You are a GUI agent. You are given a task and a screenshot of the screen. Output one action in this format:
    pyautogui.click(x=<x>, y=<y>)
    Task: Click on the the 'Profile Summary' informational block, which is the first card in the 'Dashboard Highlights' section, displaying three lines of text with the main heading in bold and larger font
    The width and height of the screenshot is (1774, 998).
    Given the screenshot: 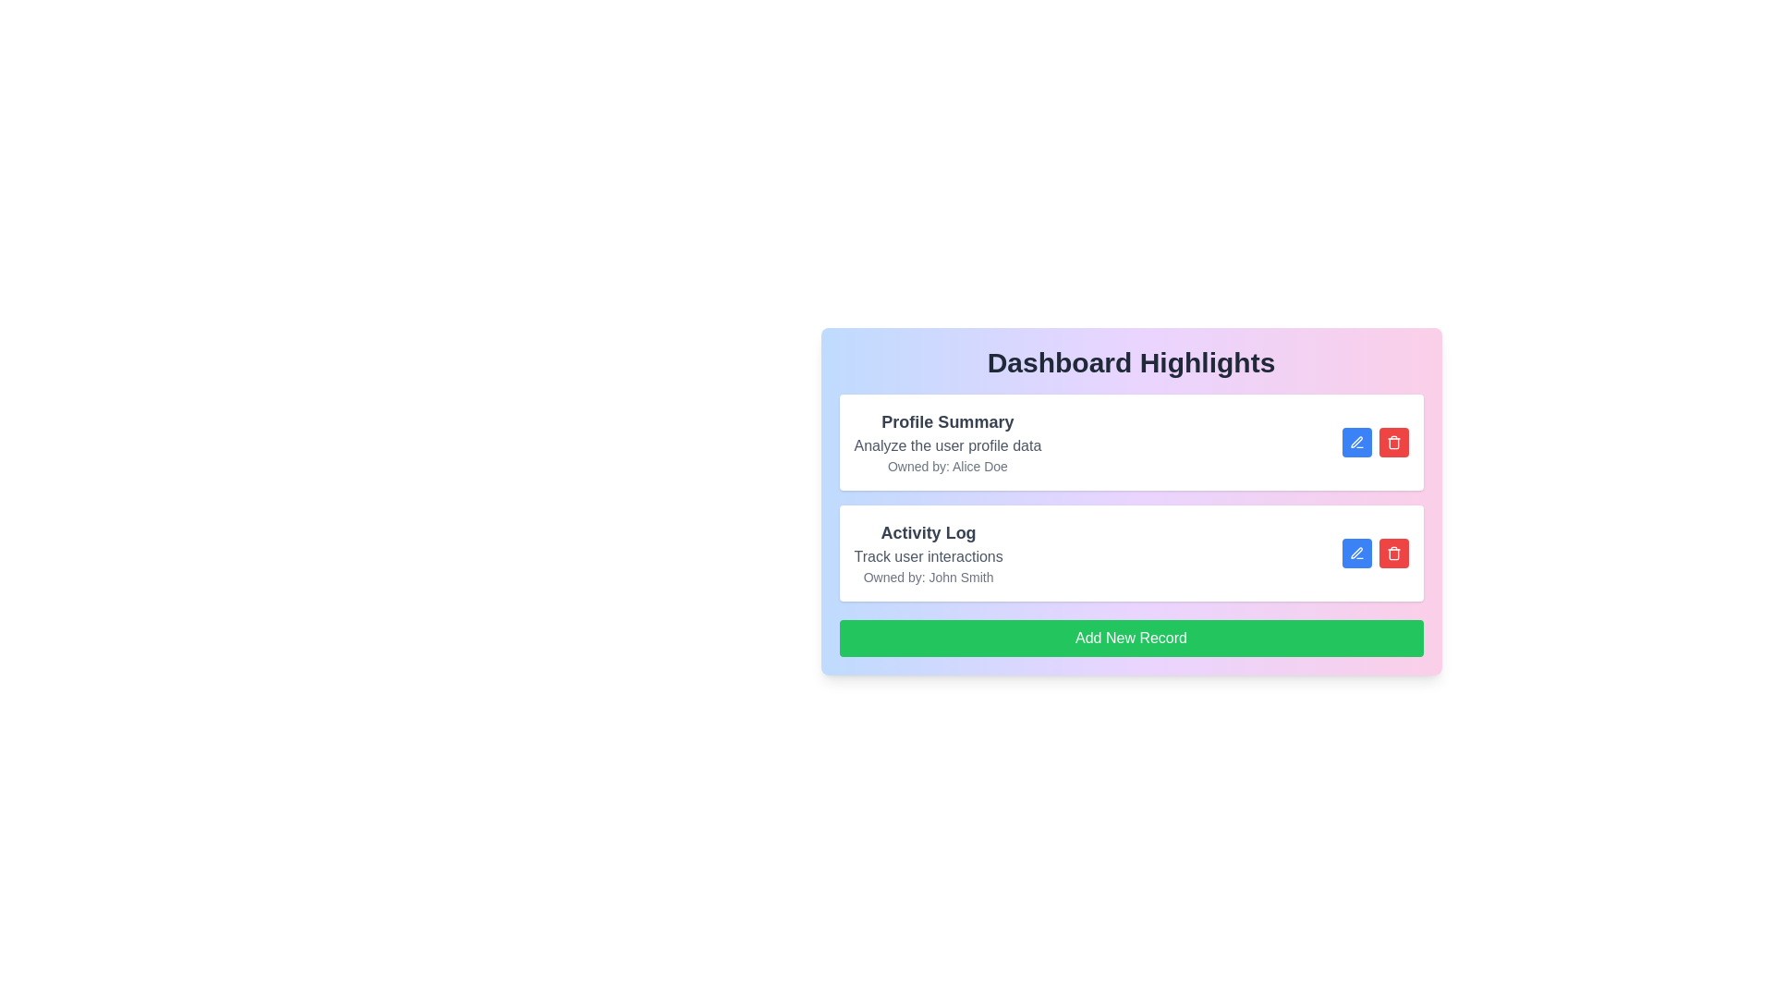 What is the action you would take?
    pyautogui.click(x=947, y=442)
    